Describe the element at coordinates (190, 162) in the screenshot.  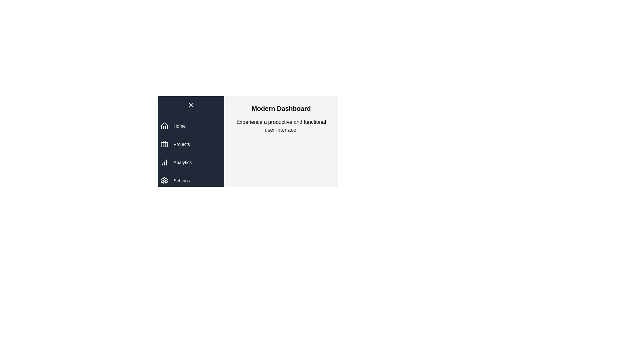
I see `the navigation item Analytics to observe its hover effect` at that location.